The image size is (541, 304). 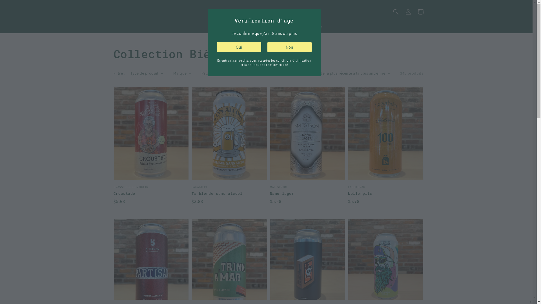 What do you see at coordinates (408, 12) in the screenshot?
I see `'Connexion'` at bounding box center [408, 12].